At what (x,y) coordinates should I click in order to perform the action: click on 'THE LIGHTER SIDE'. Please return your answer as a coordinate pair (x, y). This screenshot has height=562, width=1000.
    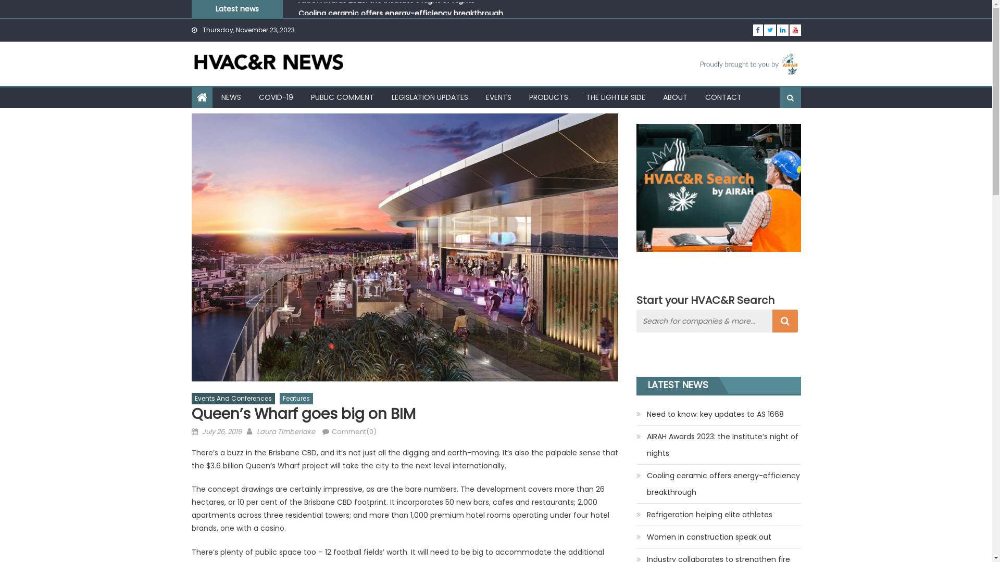
    Looking at the image, I should click on (577, 97).